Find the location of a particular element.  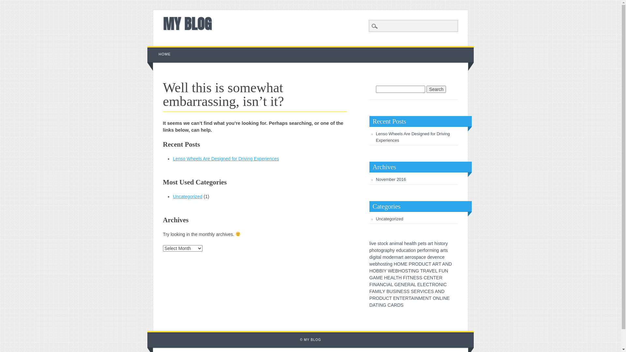

'a' is located at coordinates (409, 243).